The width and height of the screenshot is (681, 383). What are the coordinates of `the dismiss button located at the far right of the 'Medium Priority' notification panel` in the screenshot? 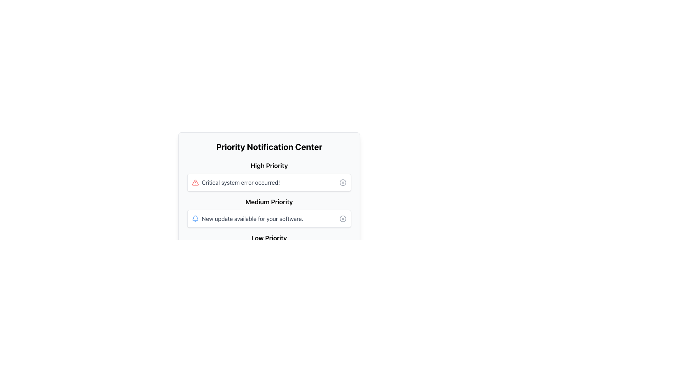 It's located at (343, 218).